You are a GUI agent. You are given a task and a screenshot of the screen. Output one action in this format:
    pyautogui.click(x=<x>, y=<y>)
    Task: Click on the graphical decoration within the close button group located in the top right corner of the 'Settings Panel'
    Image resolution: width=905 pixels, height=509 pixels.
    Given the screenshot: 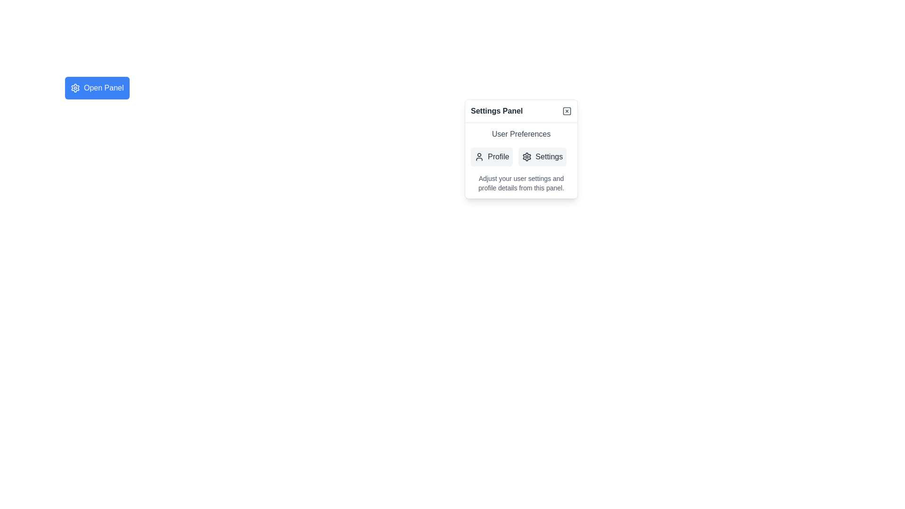 What is the action you would take?
    pyautogui.click(x=567, y=110)
    